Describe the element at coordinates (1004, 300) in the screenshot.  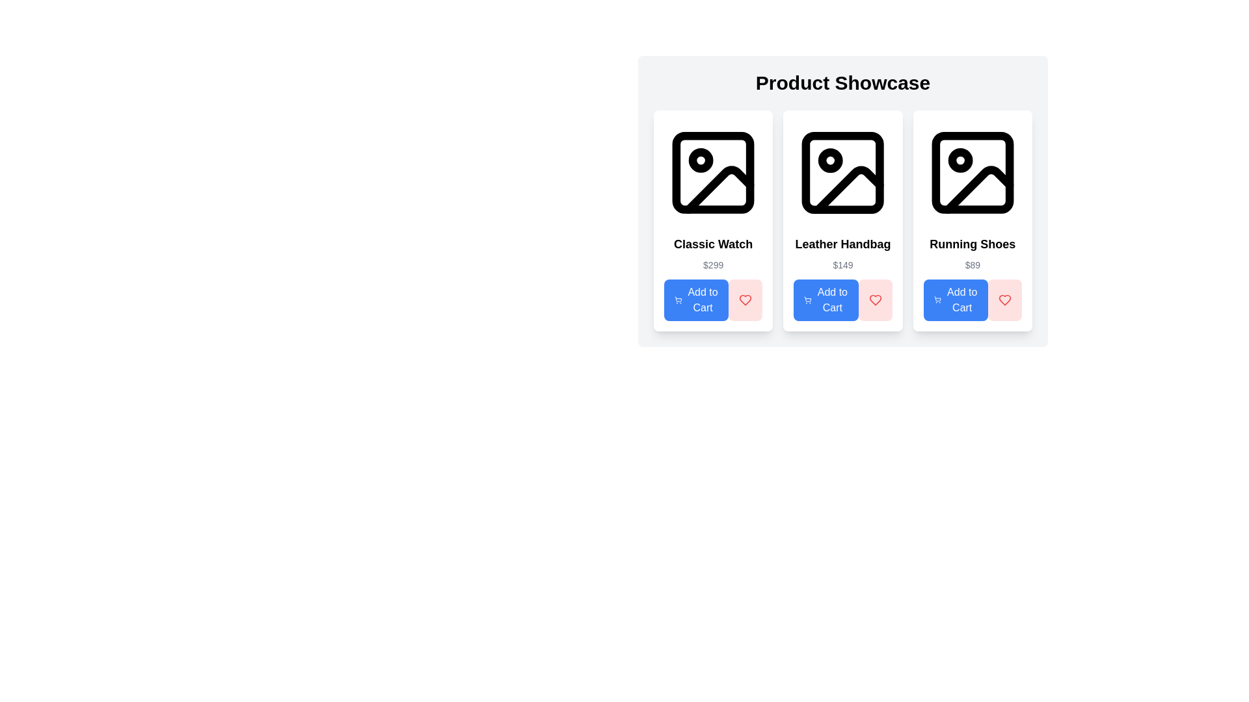
I see `the heart-shaped icon button, which is styled with a red stroke and represents a 'like' action, located in the lower section of the third product card` at that location.